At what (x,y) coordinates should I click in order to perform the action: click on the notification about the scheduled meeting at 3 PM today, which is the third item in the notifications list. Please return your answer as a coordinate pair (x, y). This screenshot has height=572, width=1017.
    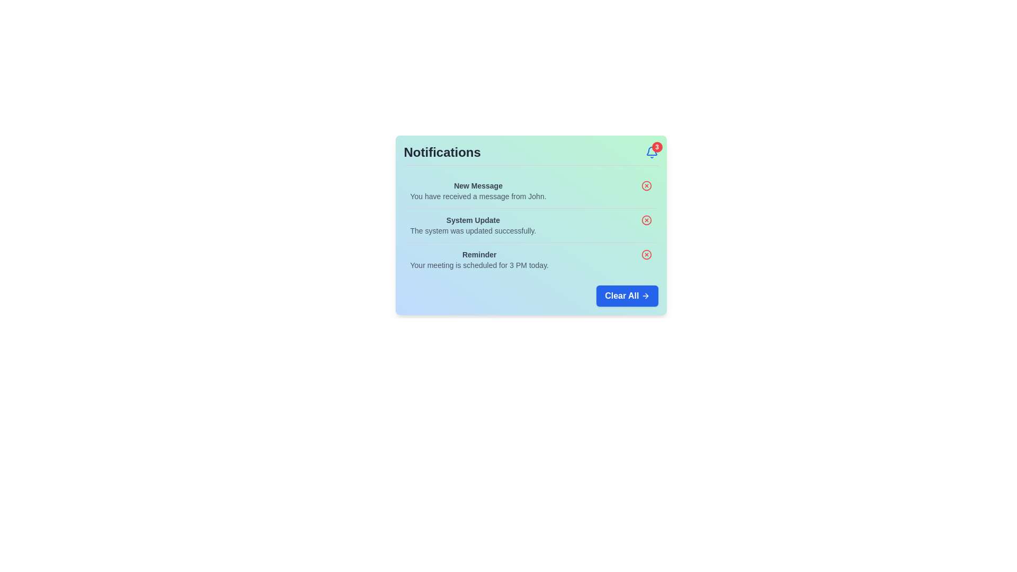
    Looking at the image, I should click on (479, 260).